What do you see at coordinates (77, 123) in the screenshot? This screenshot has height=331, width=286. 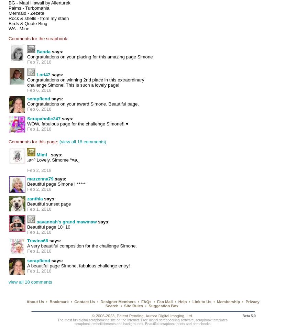 I see `'WOW, fabulous page for the challenge Simone!! ♥'` at bounding box center [77, 123].